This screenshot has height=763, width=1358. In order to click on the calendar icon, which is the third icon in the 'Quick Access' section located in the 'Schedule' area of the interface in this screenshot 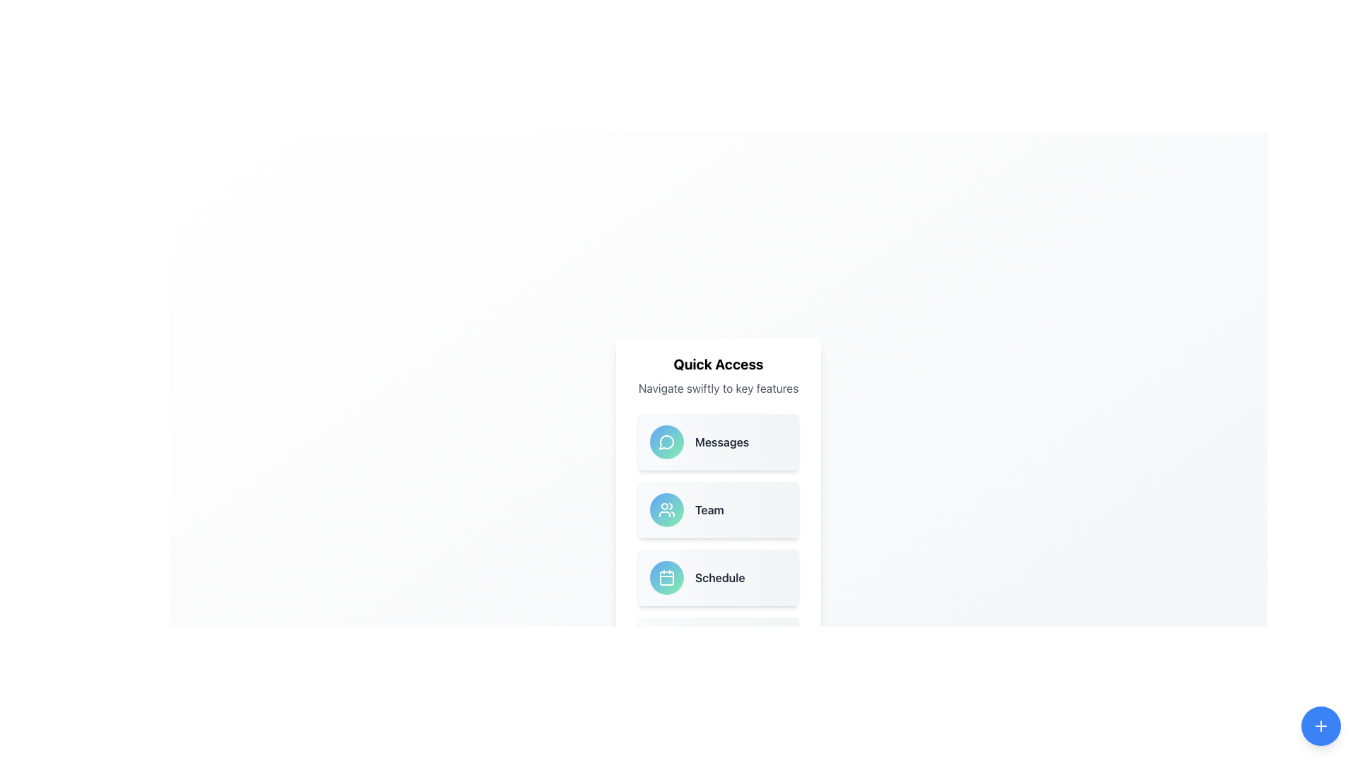, I will do `click(666, 578)`.